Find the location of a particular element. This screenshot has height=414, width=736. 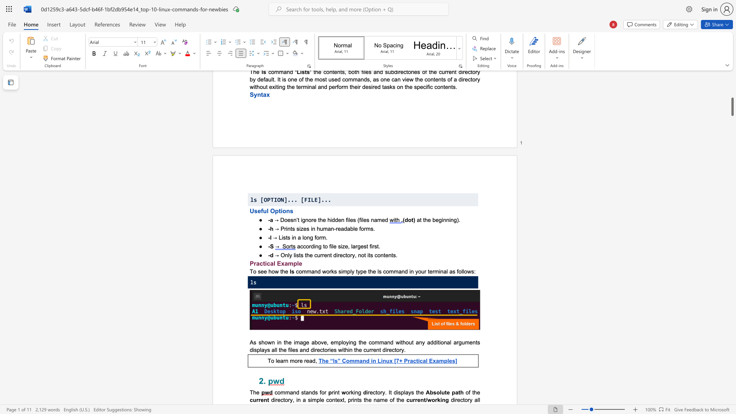

the subset text "cal Ex" within the text "Practical Example" is located at coordinates (267, 263).